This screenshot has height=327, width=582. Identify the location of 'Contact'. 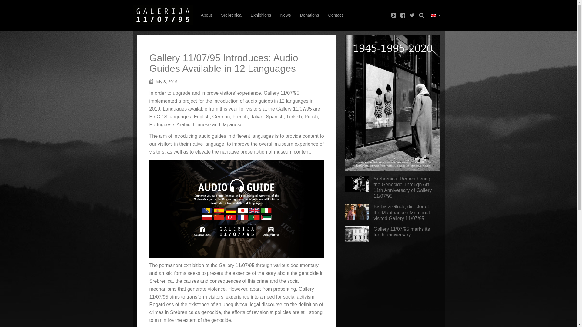
(335, 15).